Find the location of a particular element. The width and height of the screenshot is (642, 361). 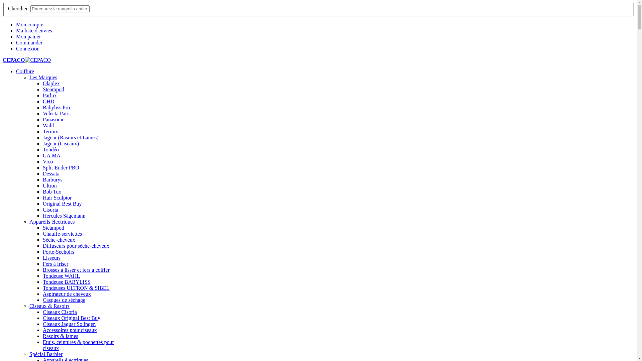

'Termix' is located at coordinates (50, 131).